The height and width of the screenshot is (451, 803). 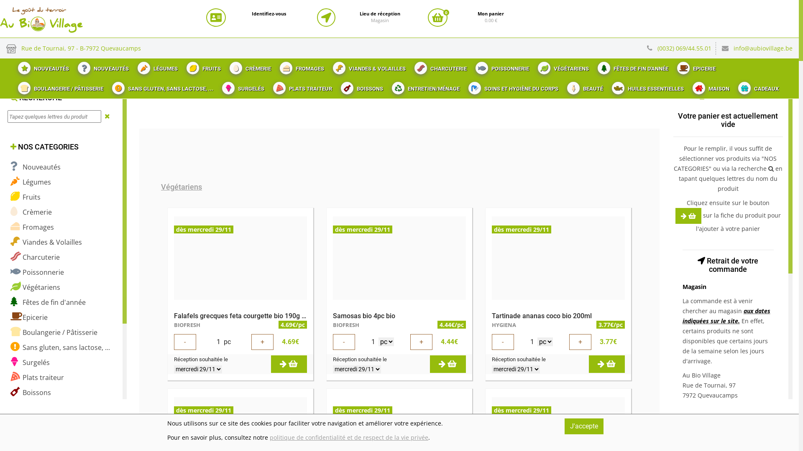 I want to click on '0', so click(x=427, y=18).